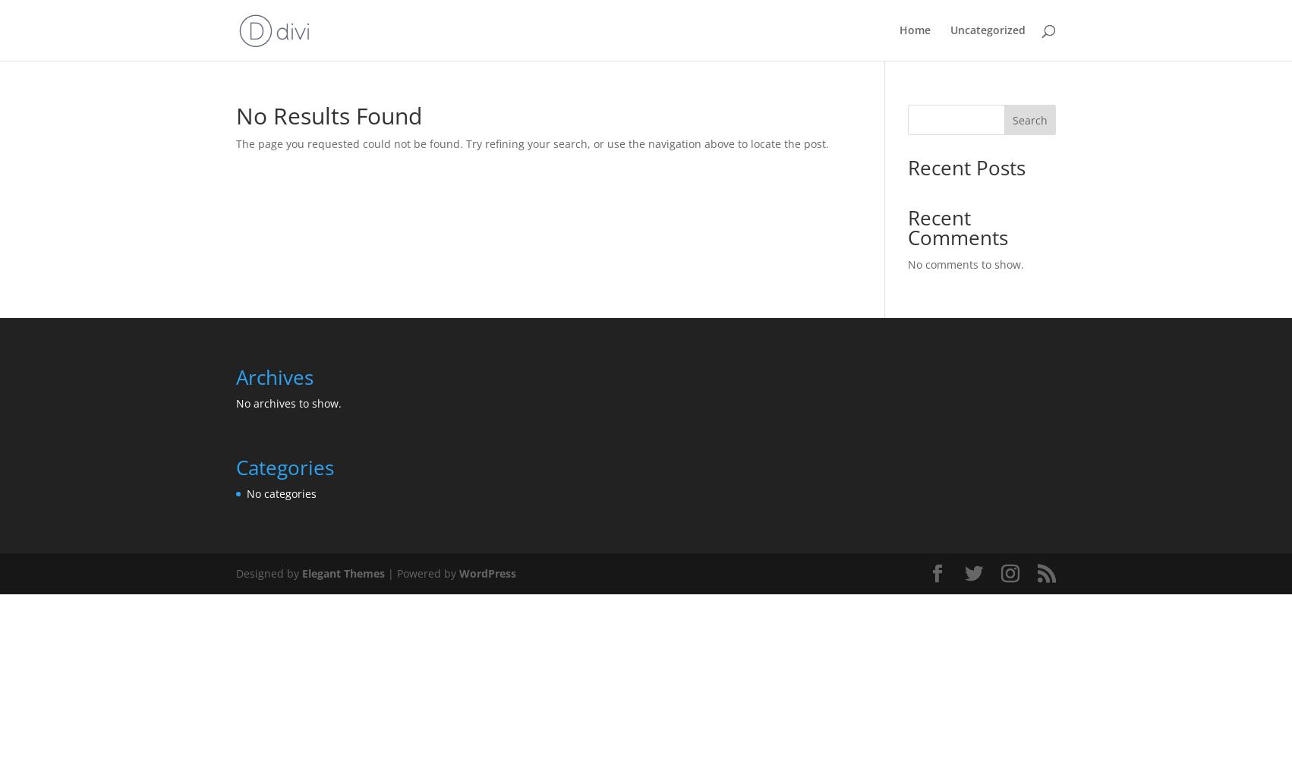  Describe the element at coordinates (269, 573) in the screenshot. I see `'Designed by'` at that location.